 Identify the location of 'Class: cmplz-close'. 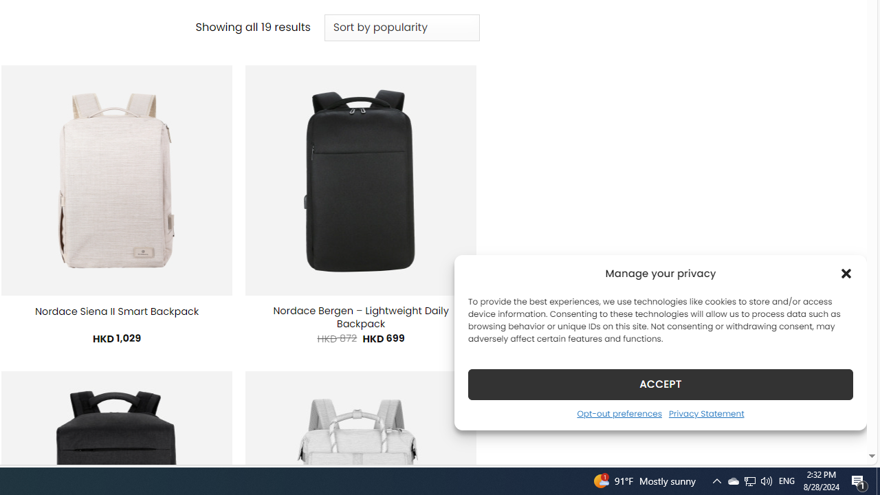
(846, 273).